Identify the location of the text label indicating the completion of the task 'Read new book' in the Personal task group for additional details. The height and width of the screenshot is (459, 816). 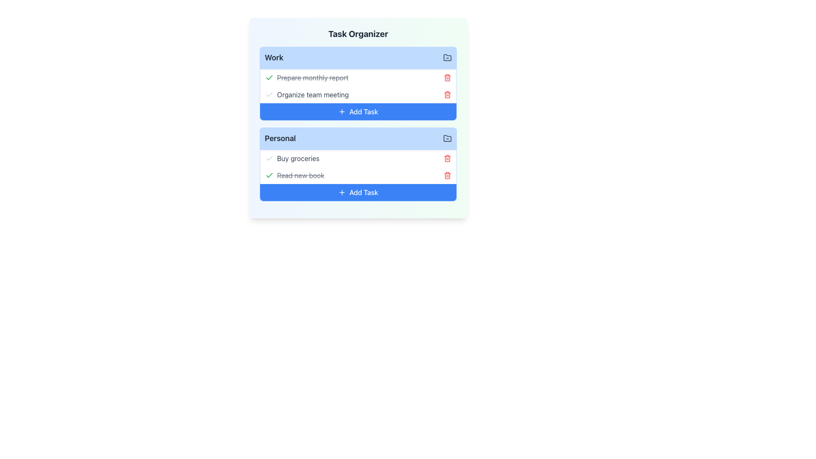
(300, 175).